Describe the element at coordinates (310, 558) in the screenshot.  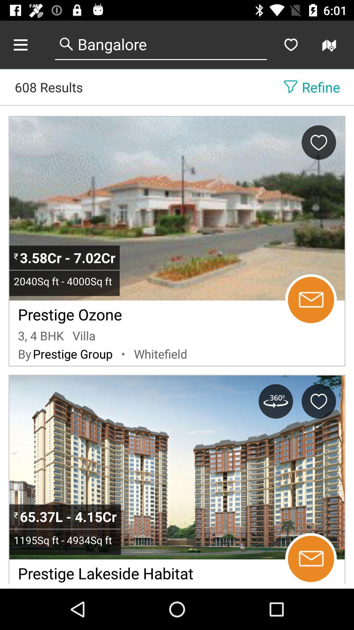
I see `message` at that location.